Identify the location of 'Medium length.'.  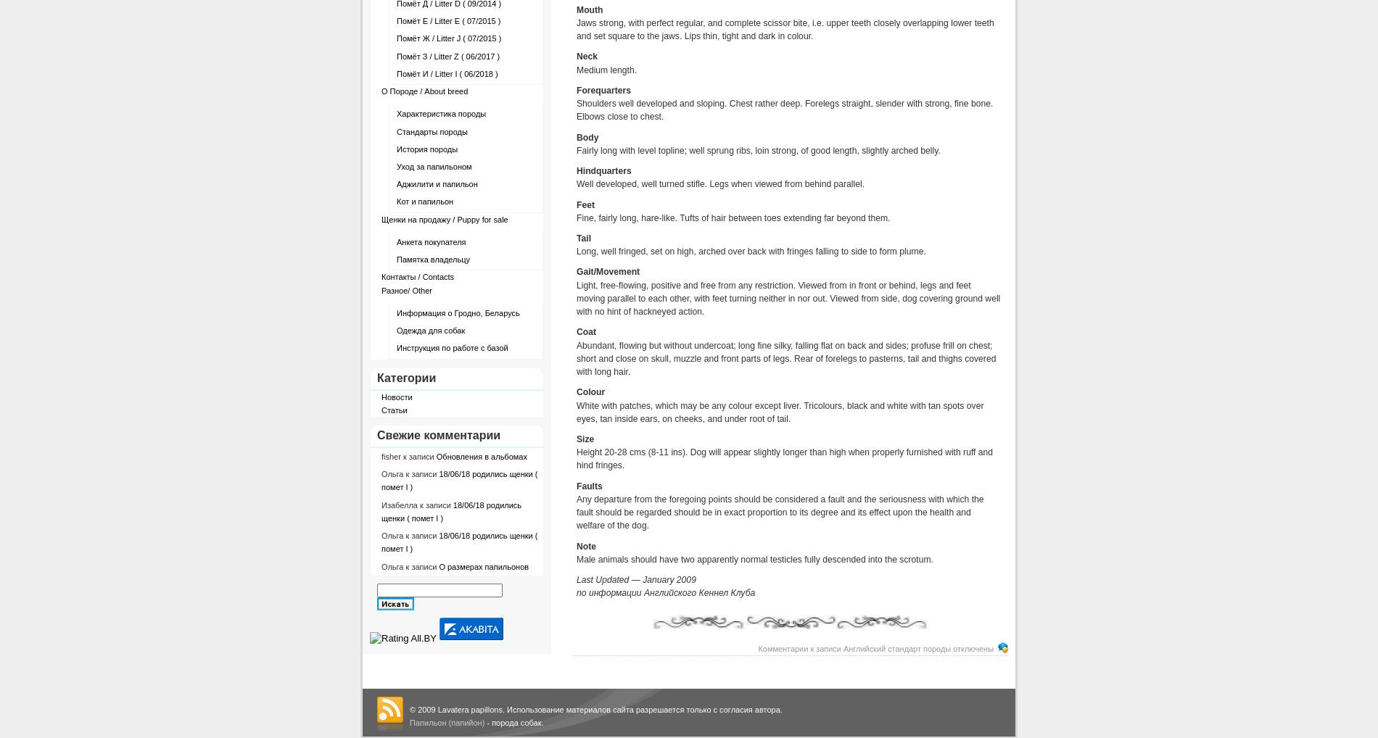
(606, 69).